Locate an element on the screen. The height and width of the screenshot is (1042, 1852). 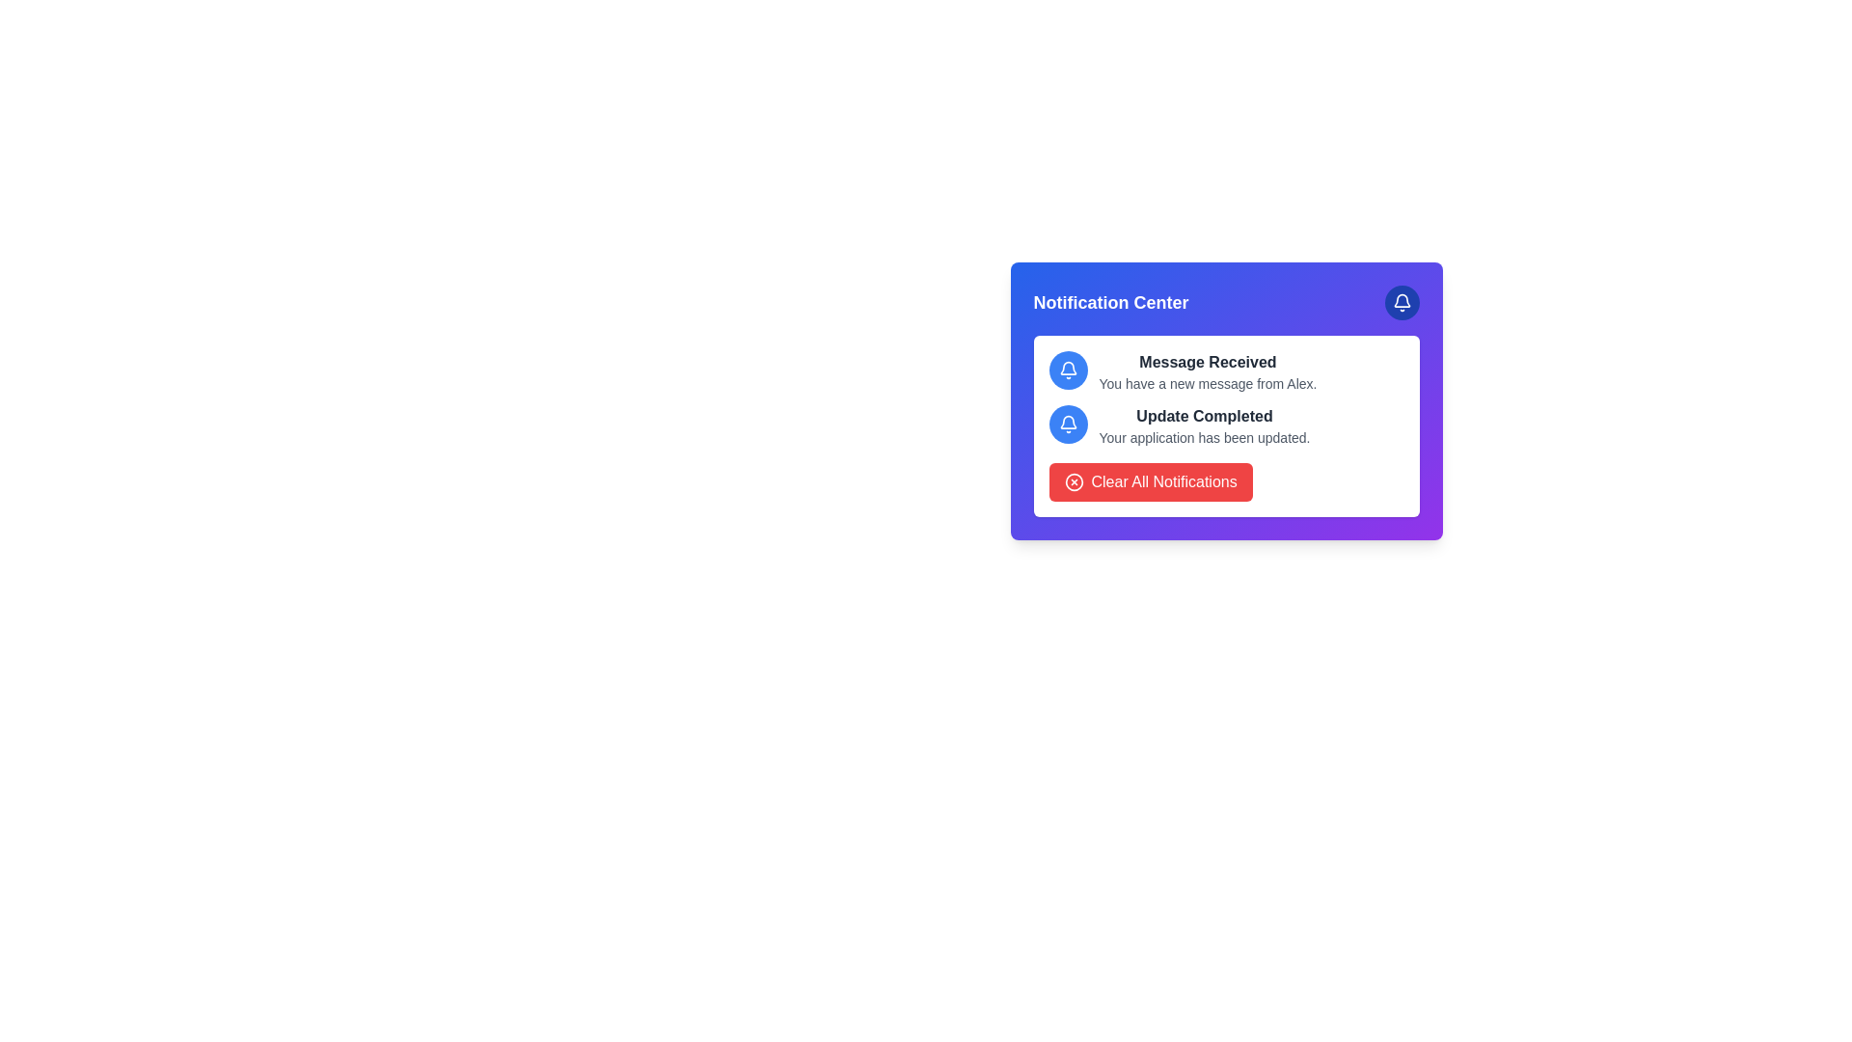
the text label that displays 'You have a new message from Alex.' located below the header 'Message Received.' is located at coordinates (1207, 383).